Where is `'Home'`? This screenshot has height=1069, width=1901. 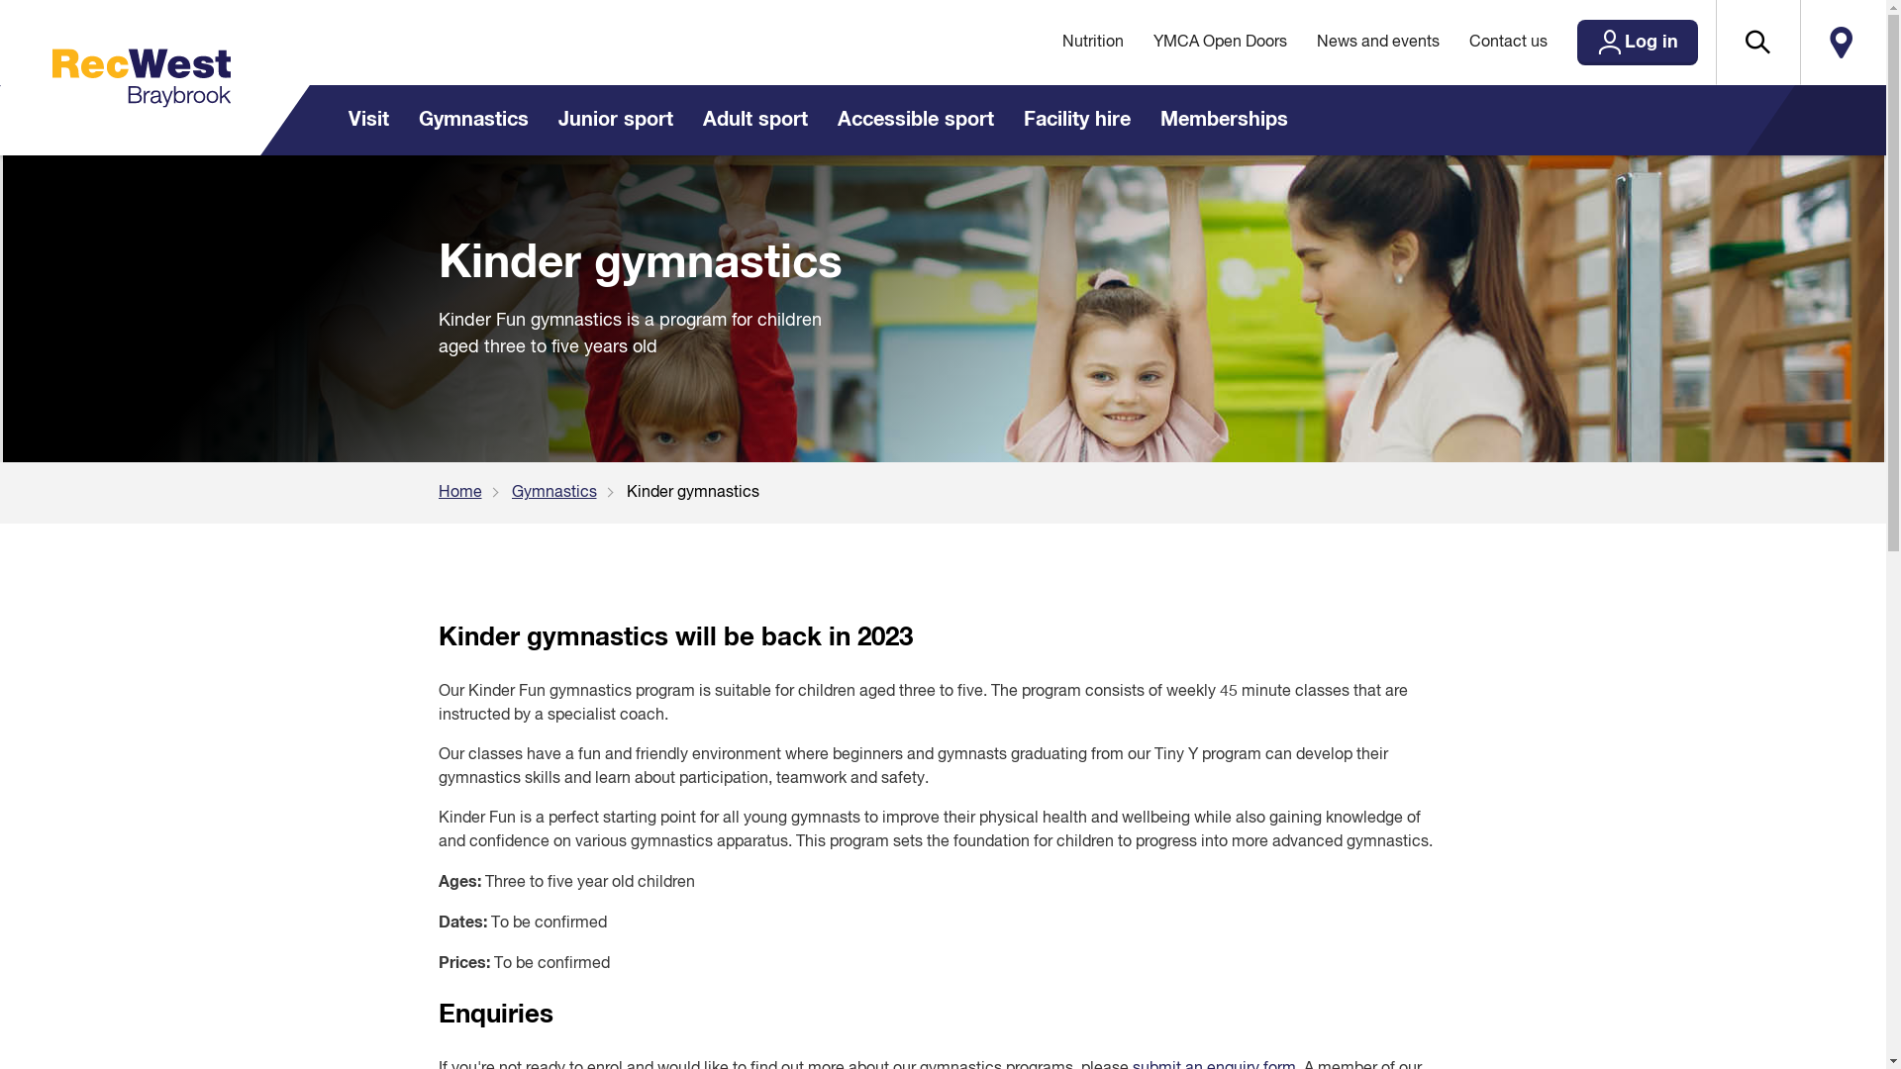 'Home' is located at coordinates (473, 491).